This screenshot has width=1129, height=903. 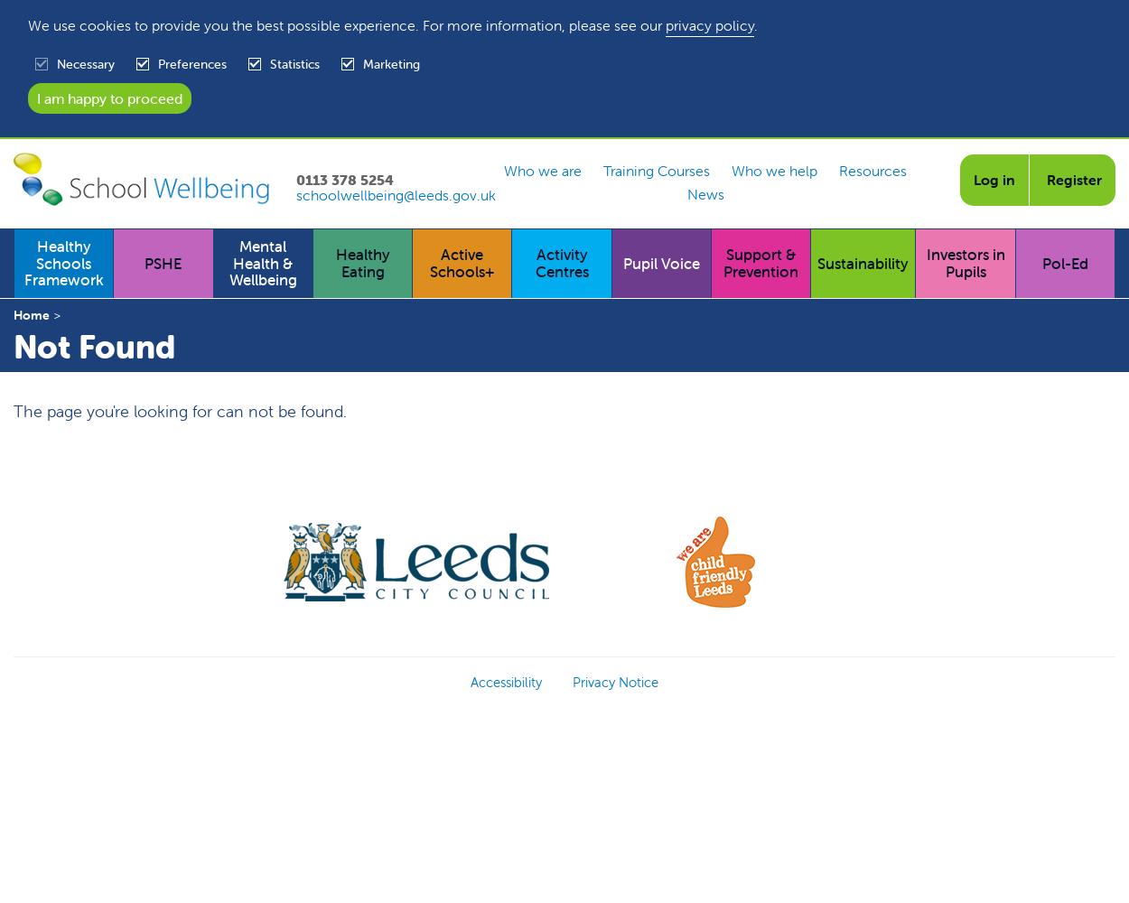 I want to click on 'News', so click(x=704, y=192).